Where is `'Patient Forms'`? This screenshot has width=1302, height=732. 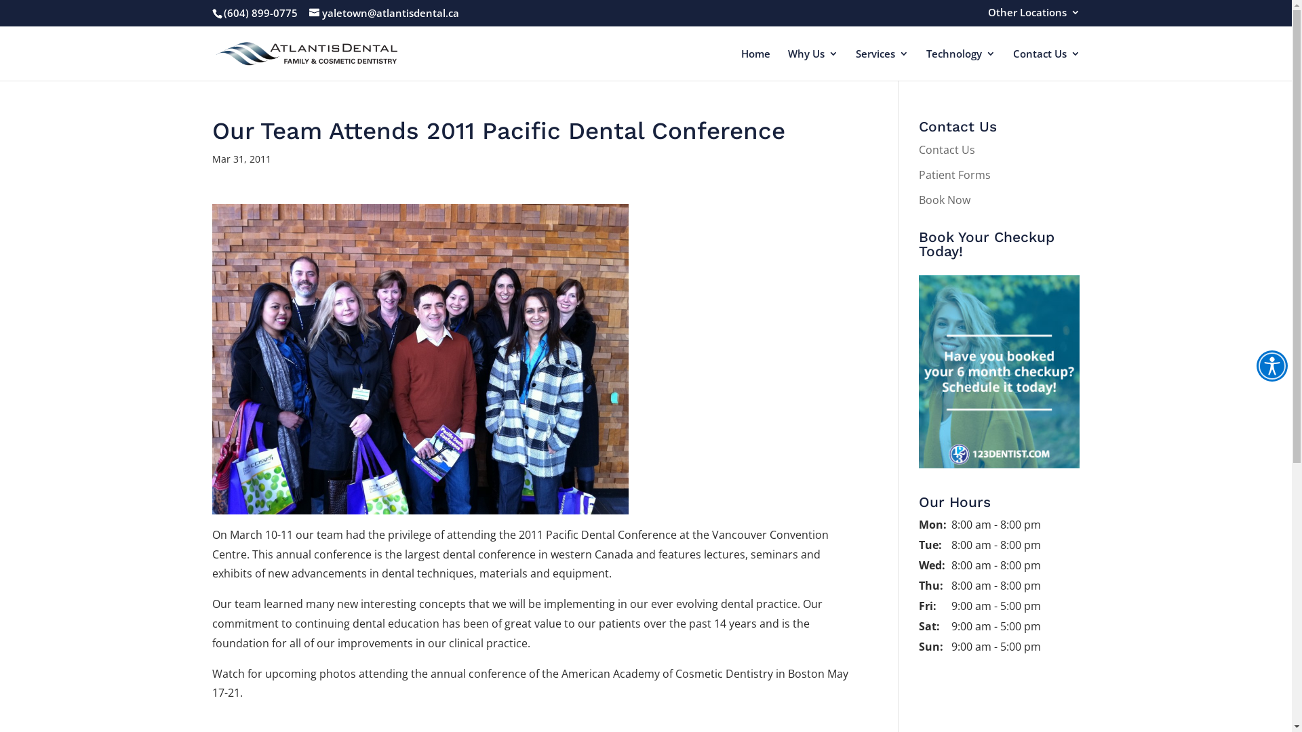 'Patient Forms' is located at coordinates (953, 174).